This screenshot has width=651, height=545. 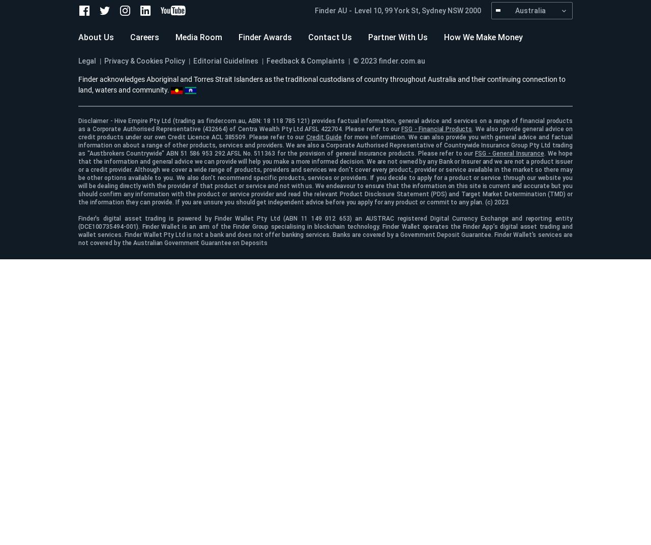 I want to click on 'FSG - General Insurance', so click(x=509, y=153).